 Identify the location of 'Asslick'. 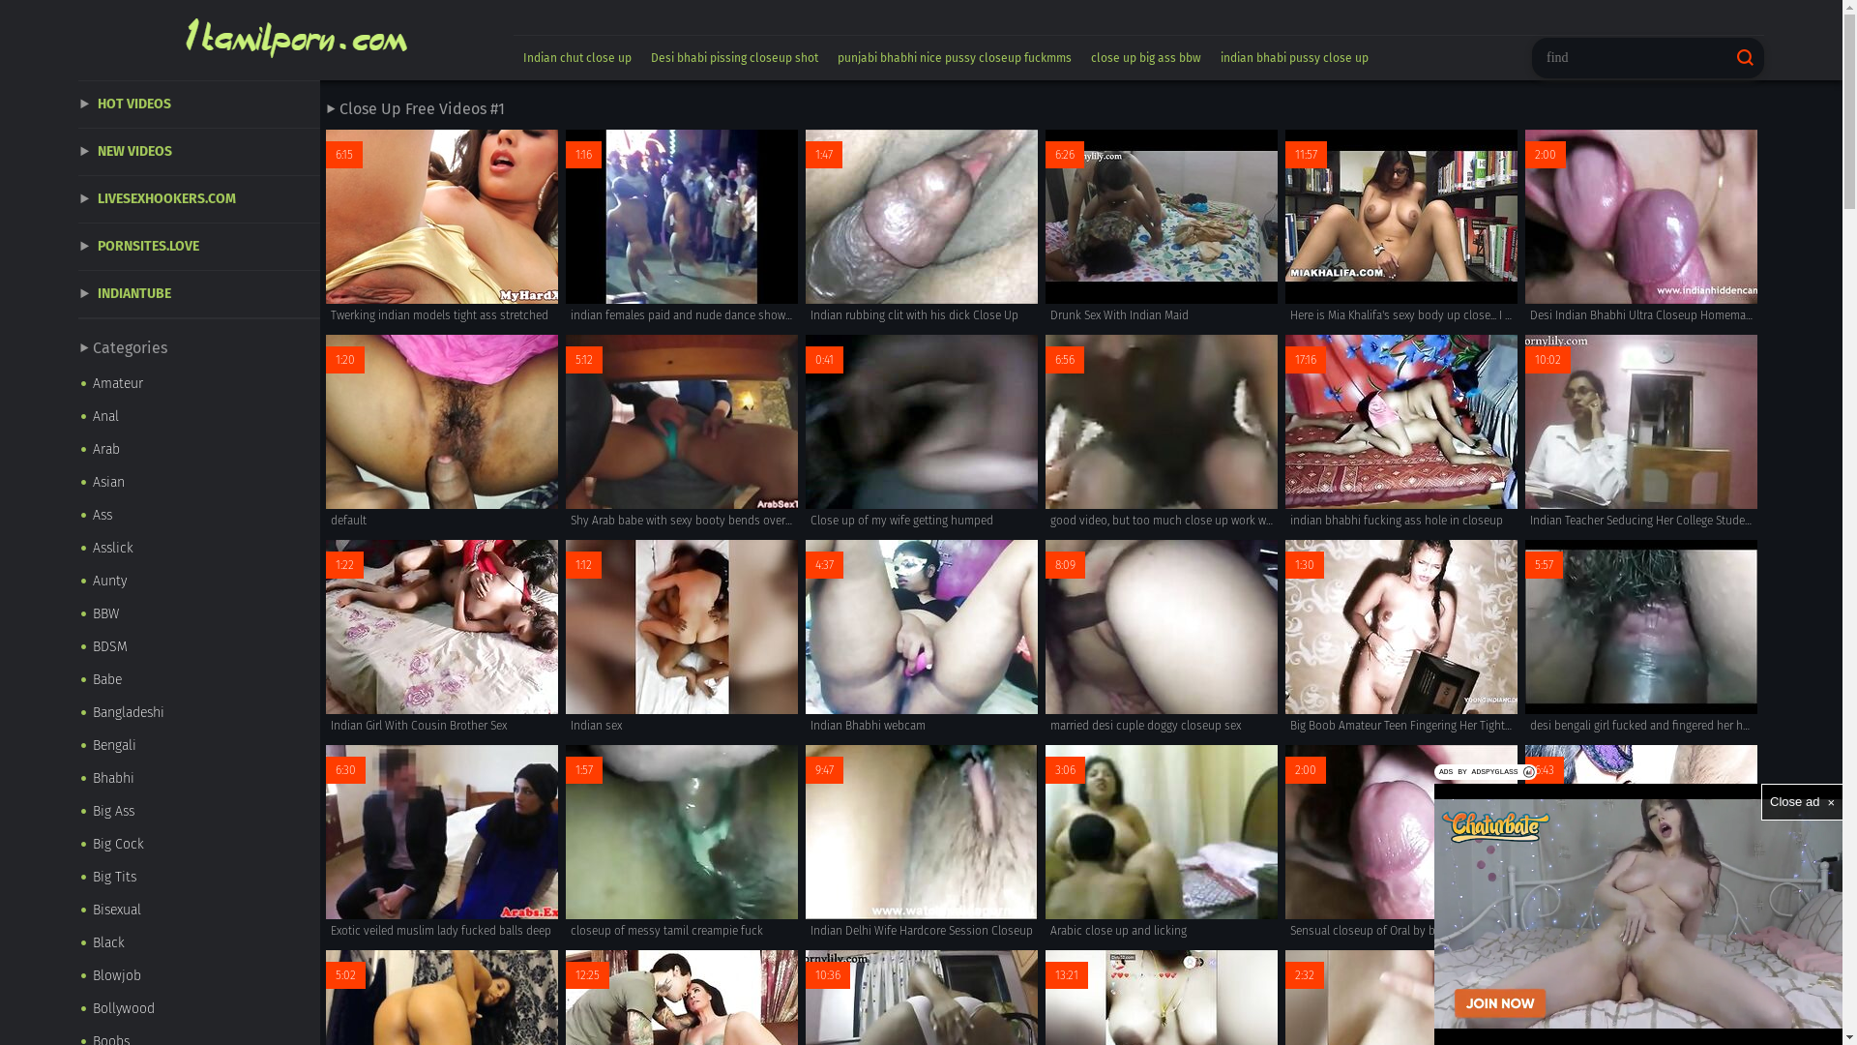
(199, 549).